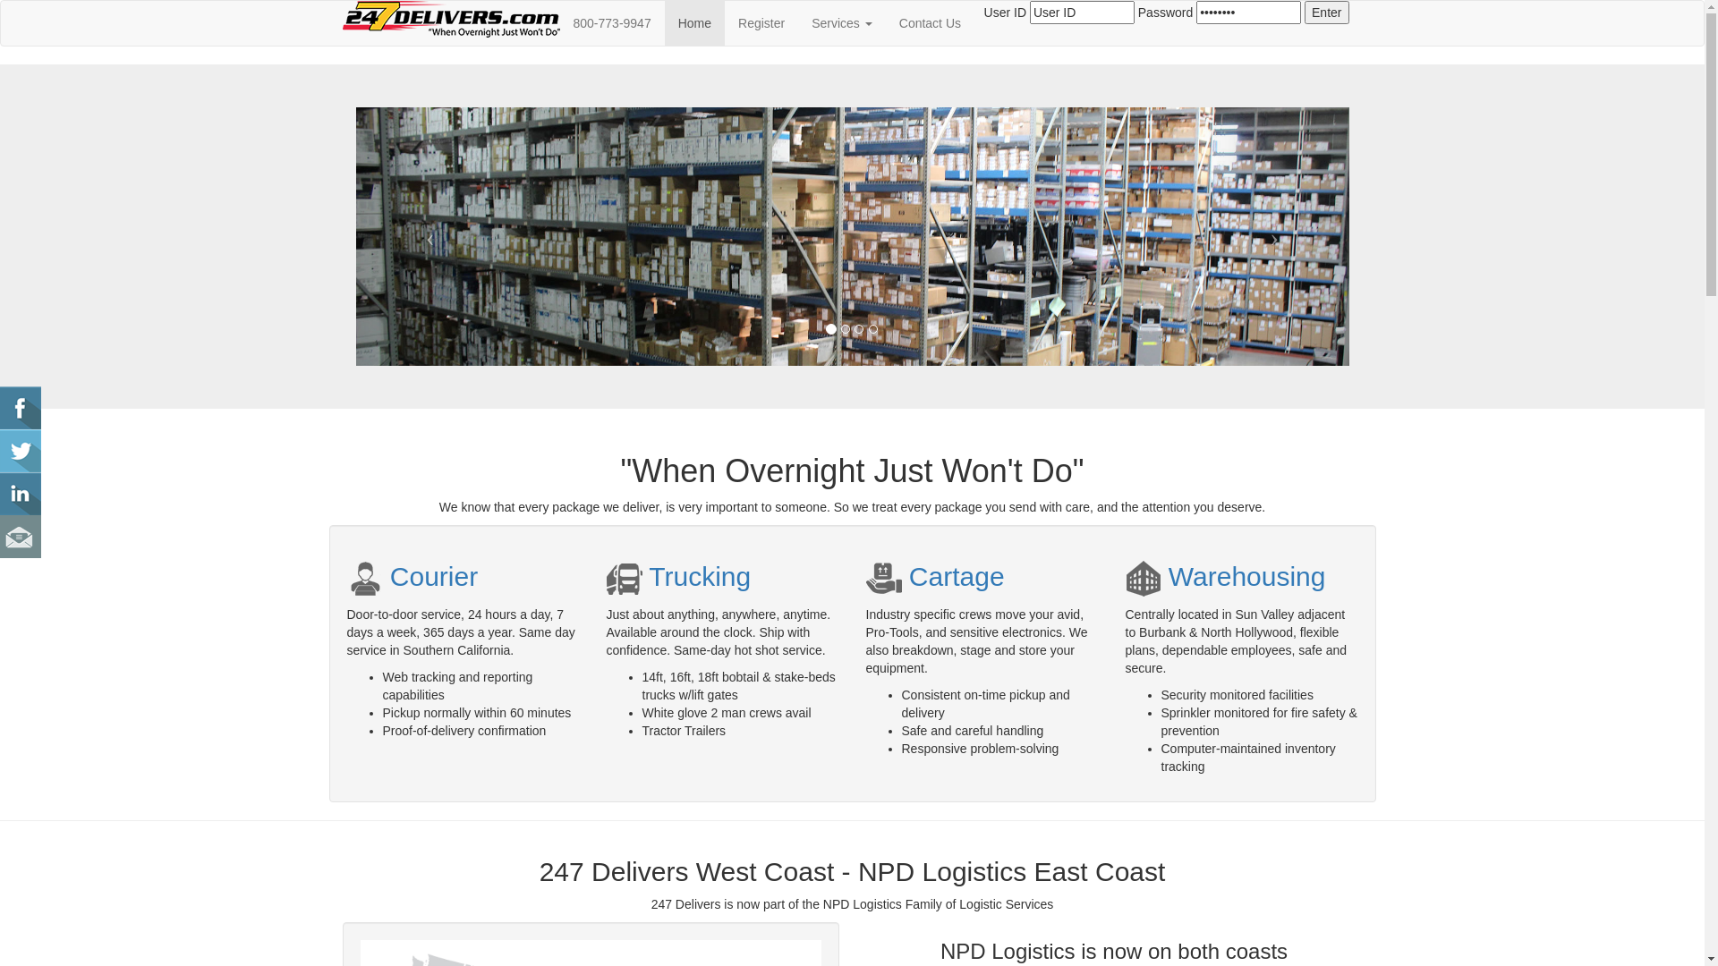  Describe the element at coordinates (612, 23) in the screenshot. I see `'800-773-9947'` at that location.